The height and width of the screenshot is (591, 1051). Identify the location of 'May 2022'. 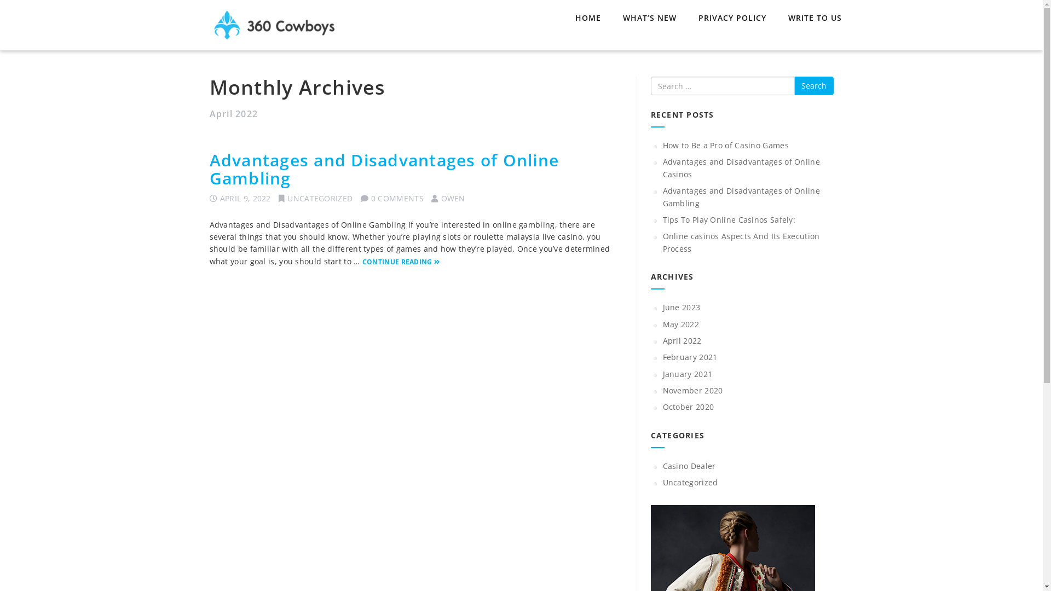
(680, 323).